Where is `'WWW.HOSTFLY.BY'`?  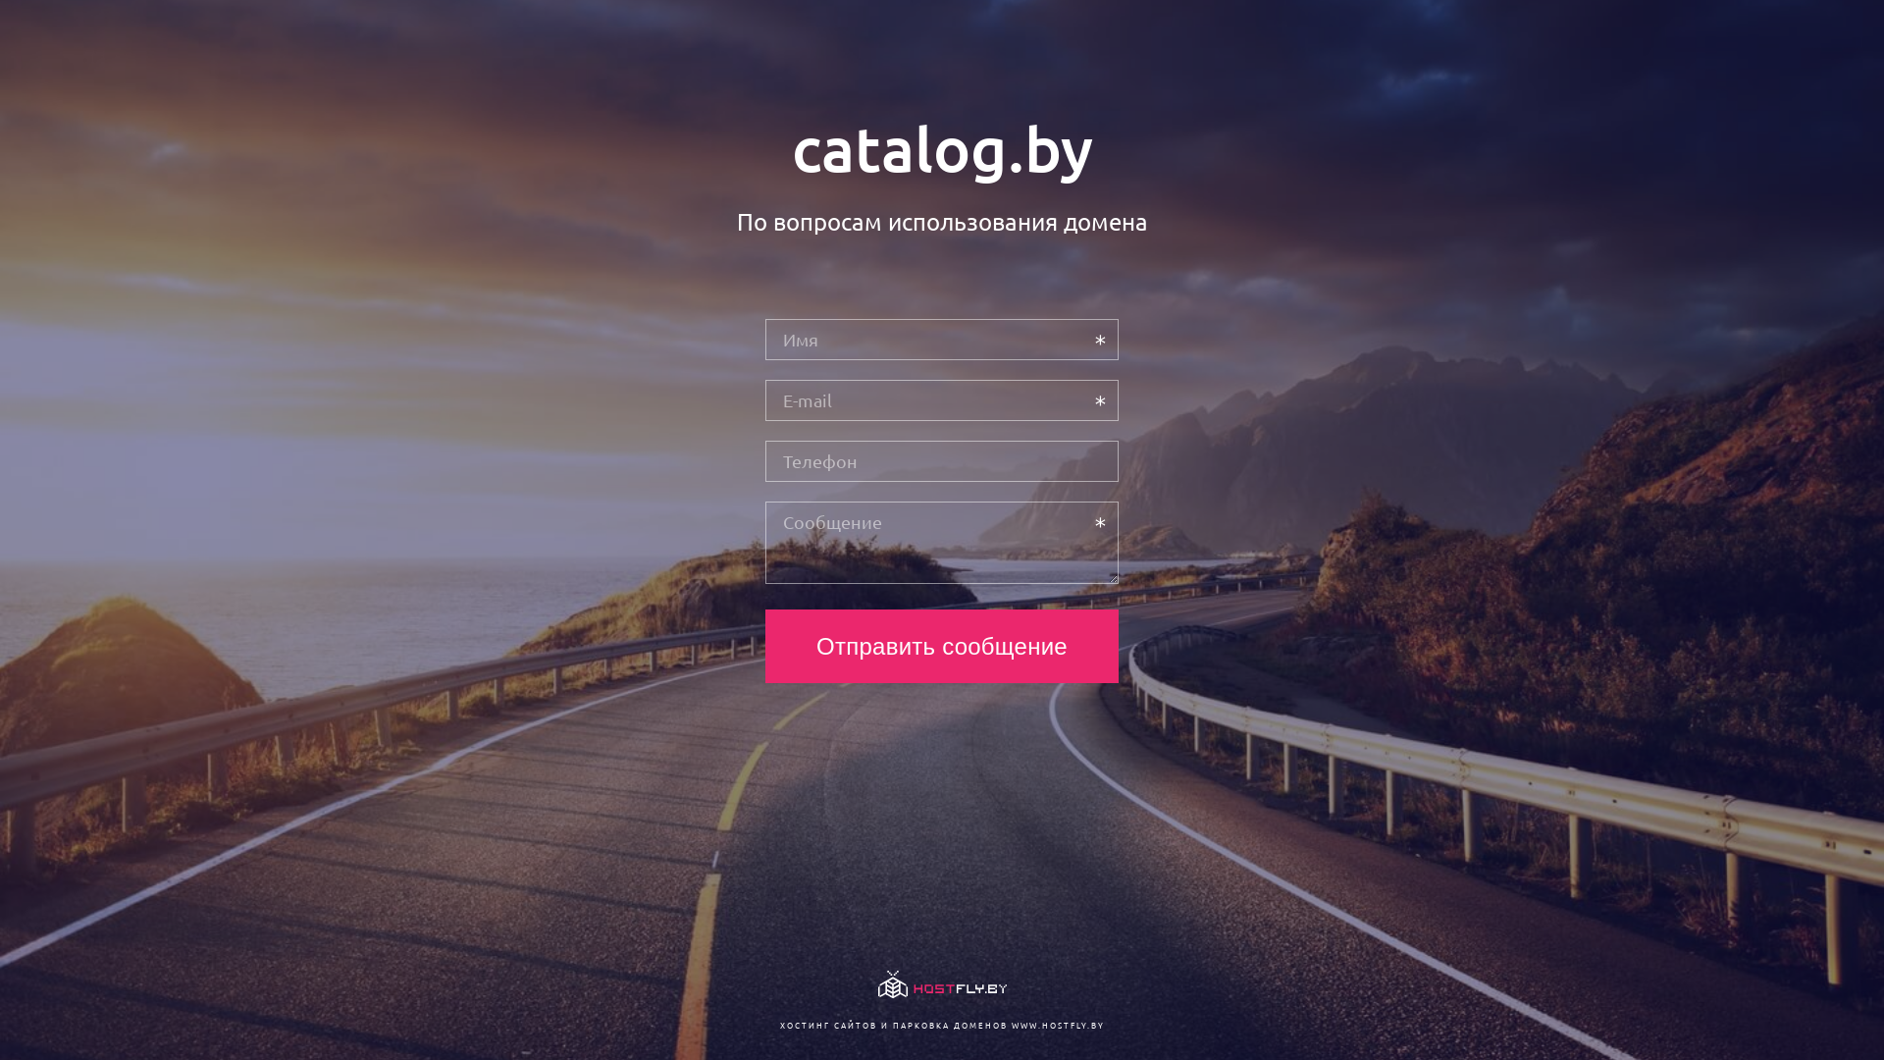 'WWW.HOSTFLY.BY' is located at coordinates (1056, 1024).